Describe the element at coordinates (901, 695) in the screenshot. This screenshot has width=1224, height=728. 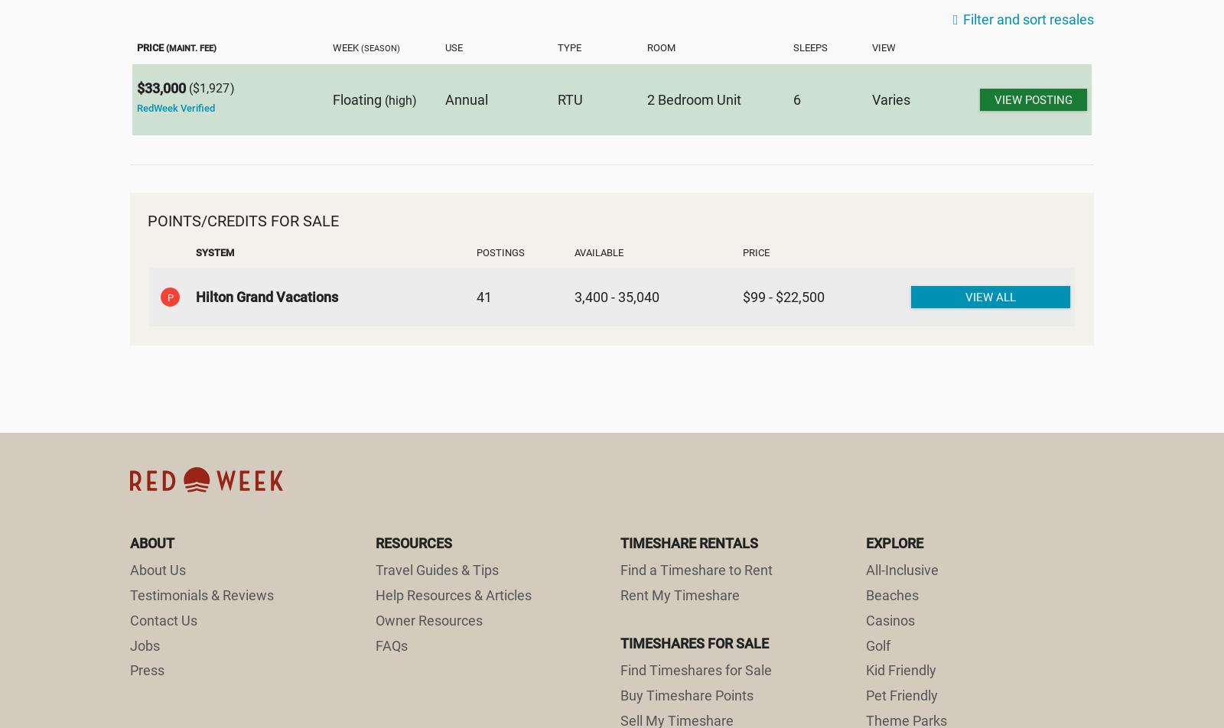
I see `'Pet Friendly'` at that location.